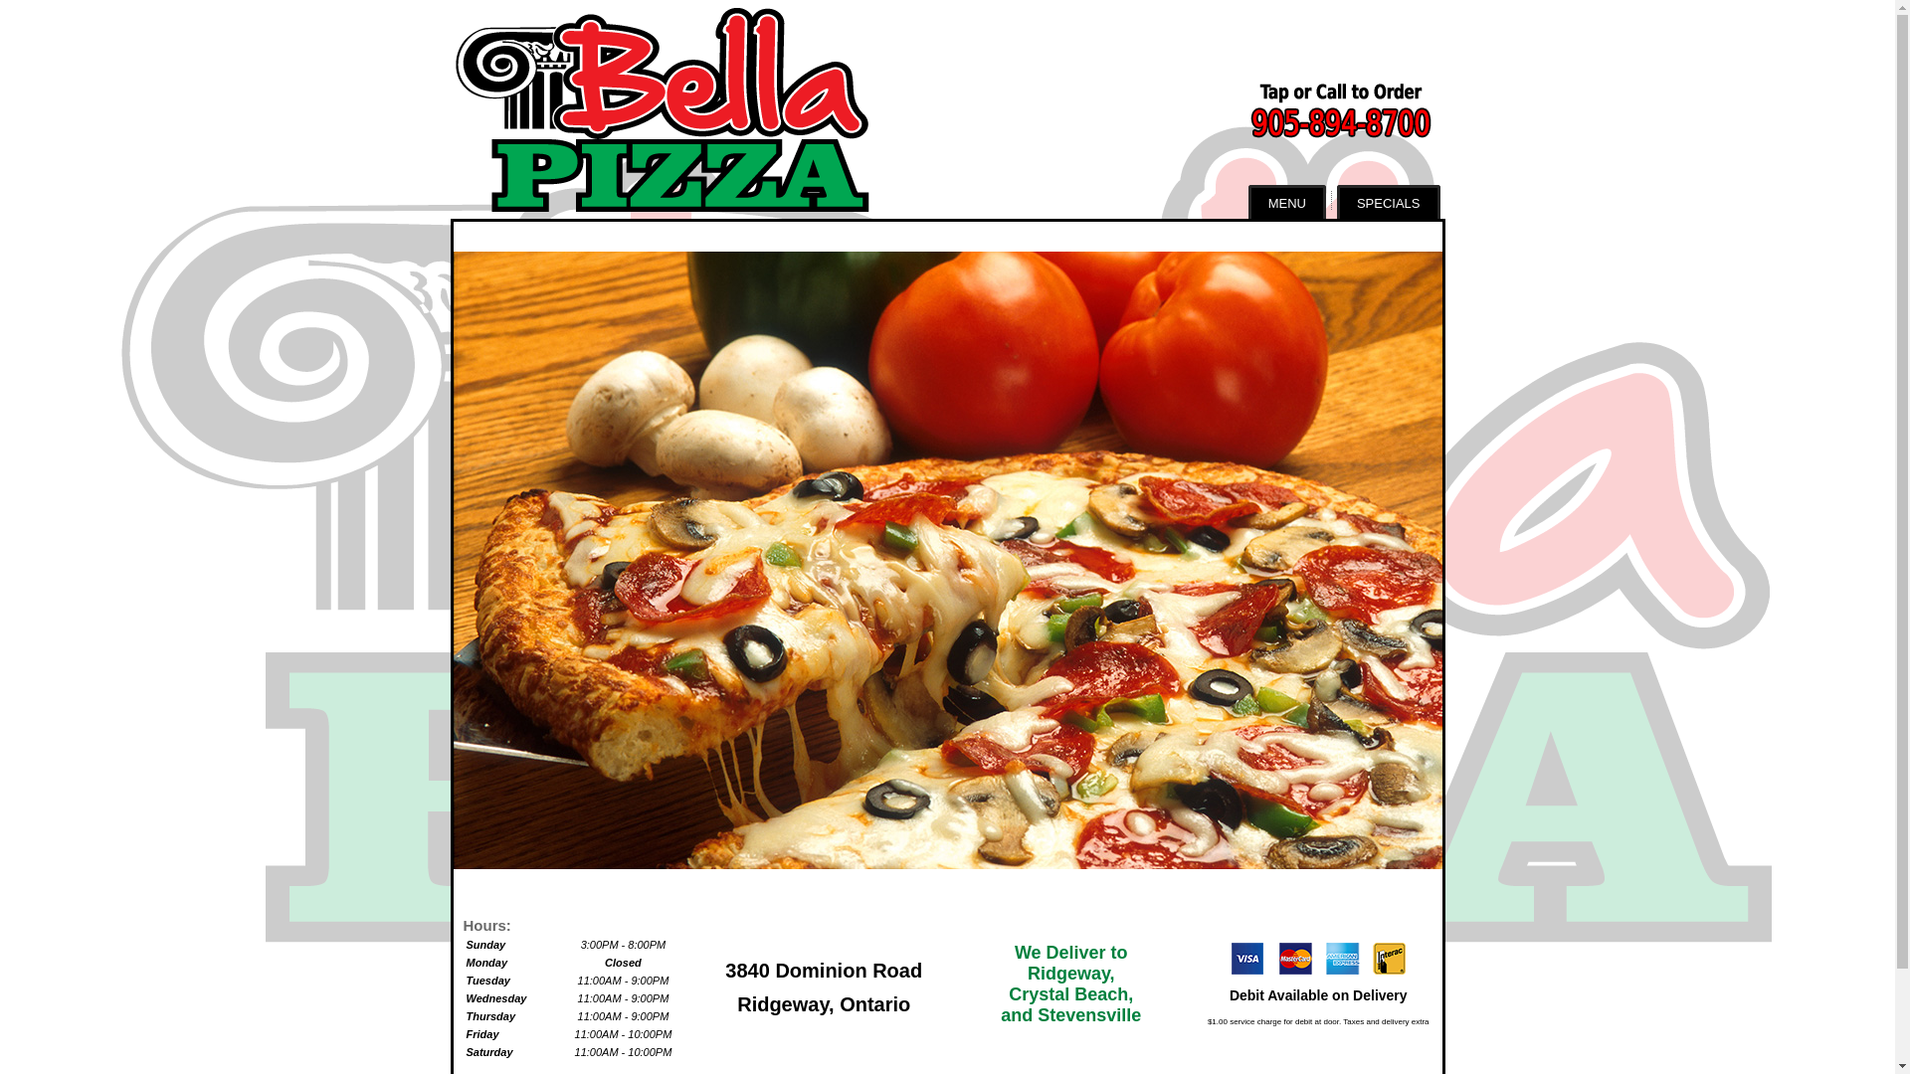 The width and height of the screenshot is (1910, 1074). I want to click on 'MENU', so click(1287, 202).